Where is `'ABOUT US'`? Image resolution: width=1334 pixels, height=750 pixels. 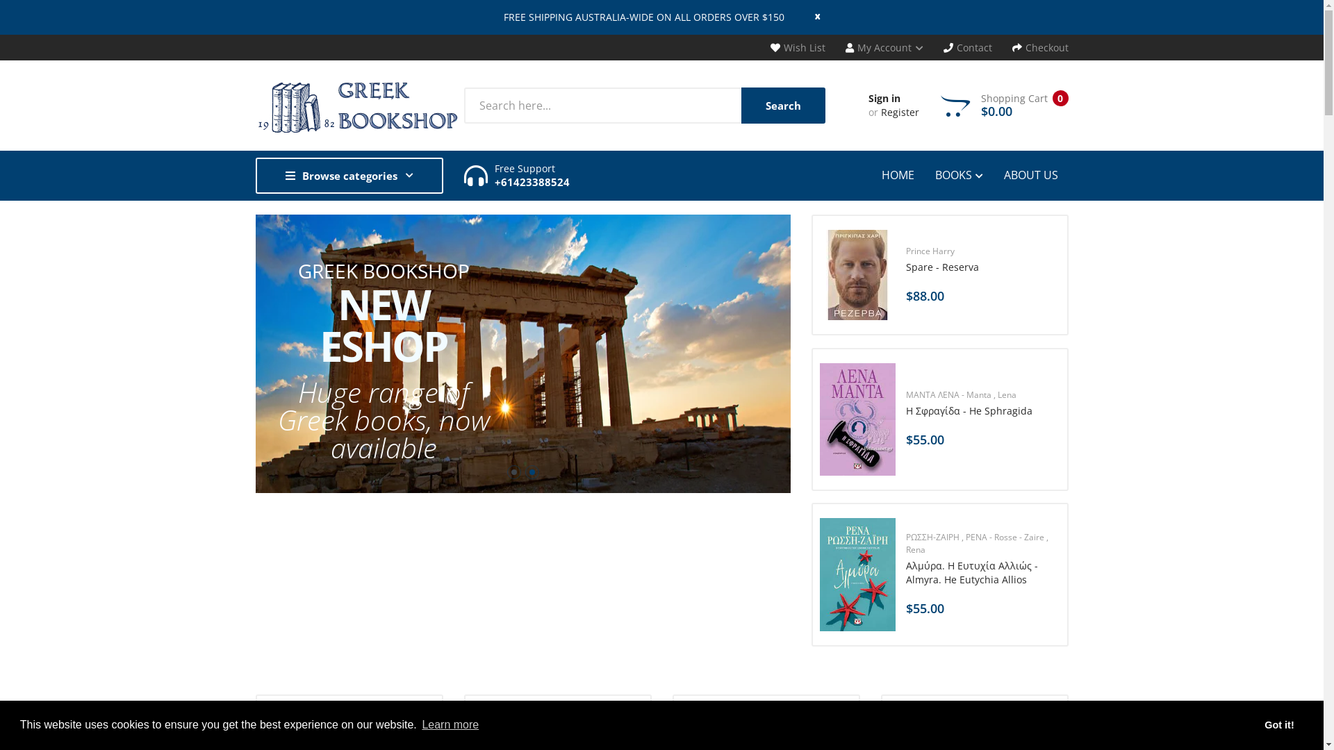 'ABOUT US' is located at coordinates (1030, 174).